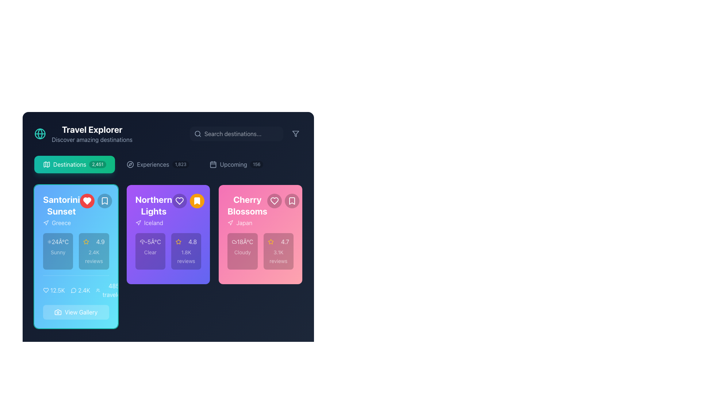 The image size is (701, 394). What do you see at coordinates (247, 222) in the screenshot?
I see `the text label displaying 'Japan' located at the bottom of the 'Cherry Blossoms' card, which is highlighted with a pink background` at bounding box center [247, 222].